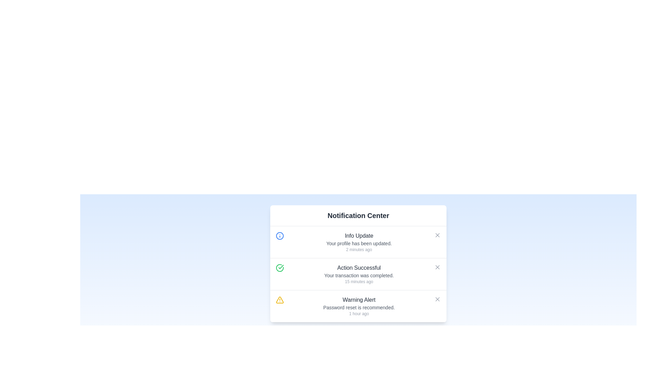 This screenshot has height=372, width=661. What do you see at coordinates (358, 275) in the screenshot?
I see `the text label displaying the message 'Your transaction was completed.'` at bounding box center [358, 275].